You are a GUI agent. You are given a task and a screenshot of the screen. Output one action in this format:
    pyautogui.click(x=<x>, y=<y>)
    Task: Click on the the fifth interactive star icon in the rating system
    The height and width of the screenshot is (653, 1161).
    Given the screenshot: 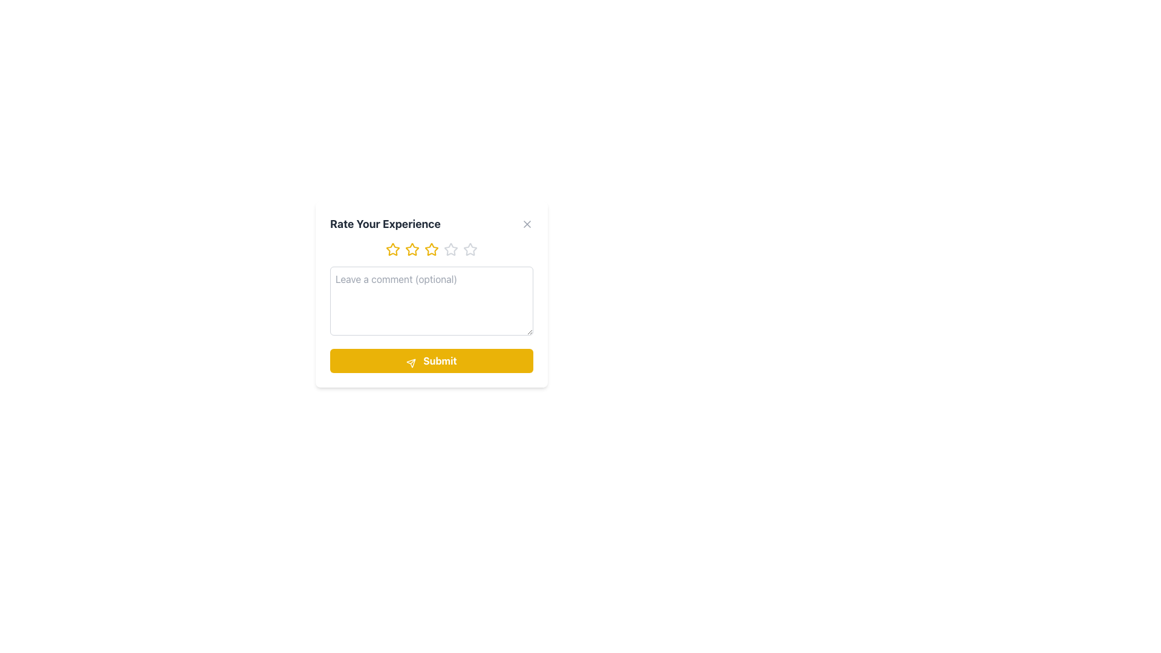 What is the action you would take?
    pyautogui.click(x=469, y=249)
    